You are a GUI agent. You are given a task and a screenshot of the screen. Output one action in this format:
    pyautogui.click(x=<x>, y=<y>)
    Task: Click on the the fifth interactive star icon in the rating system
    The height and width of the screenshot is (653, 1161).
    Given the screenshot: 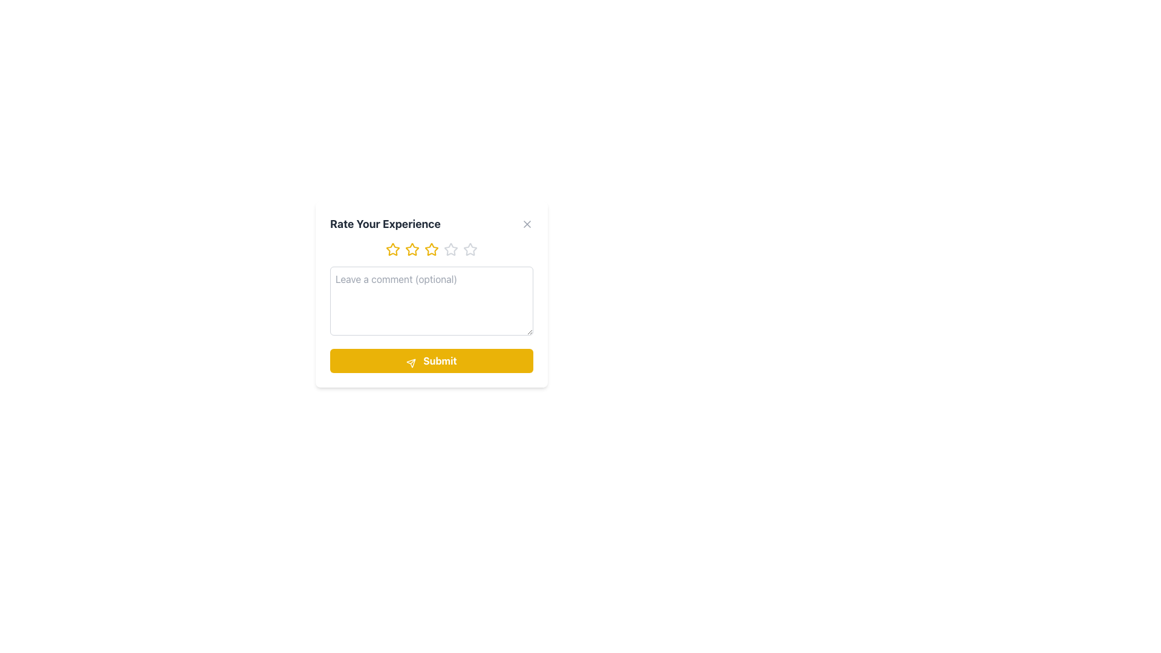 What is the action you would take?
    pyautogui.click(x=469, y=249)
    